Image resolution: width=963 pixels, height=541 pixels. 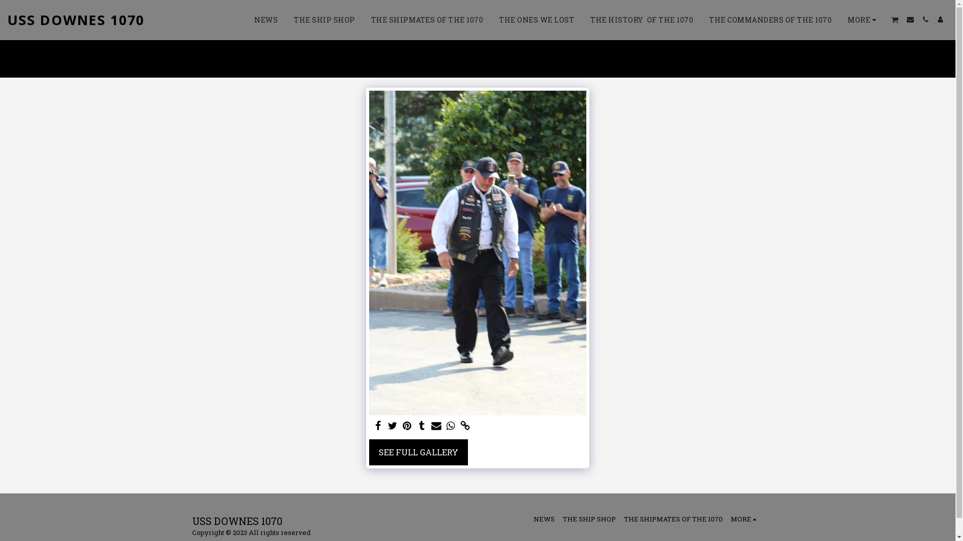 I want to click on 'whatsapp', so click(x=450, y=426).